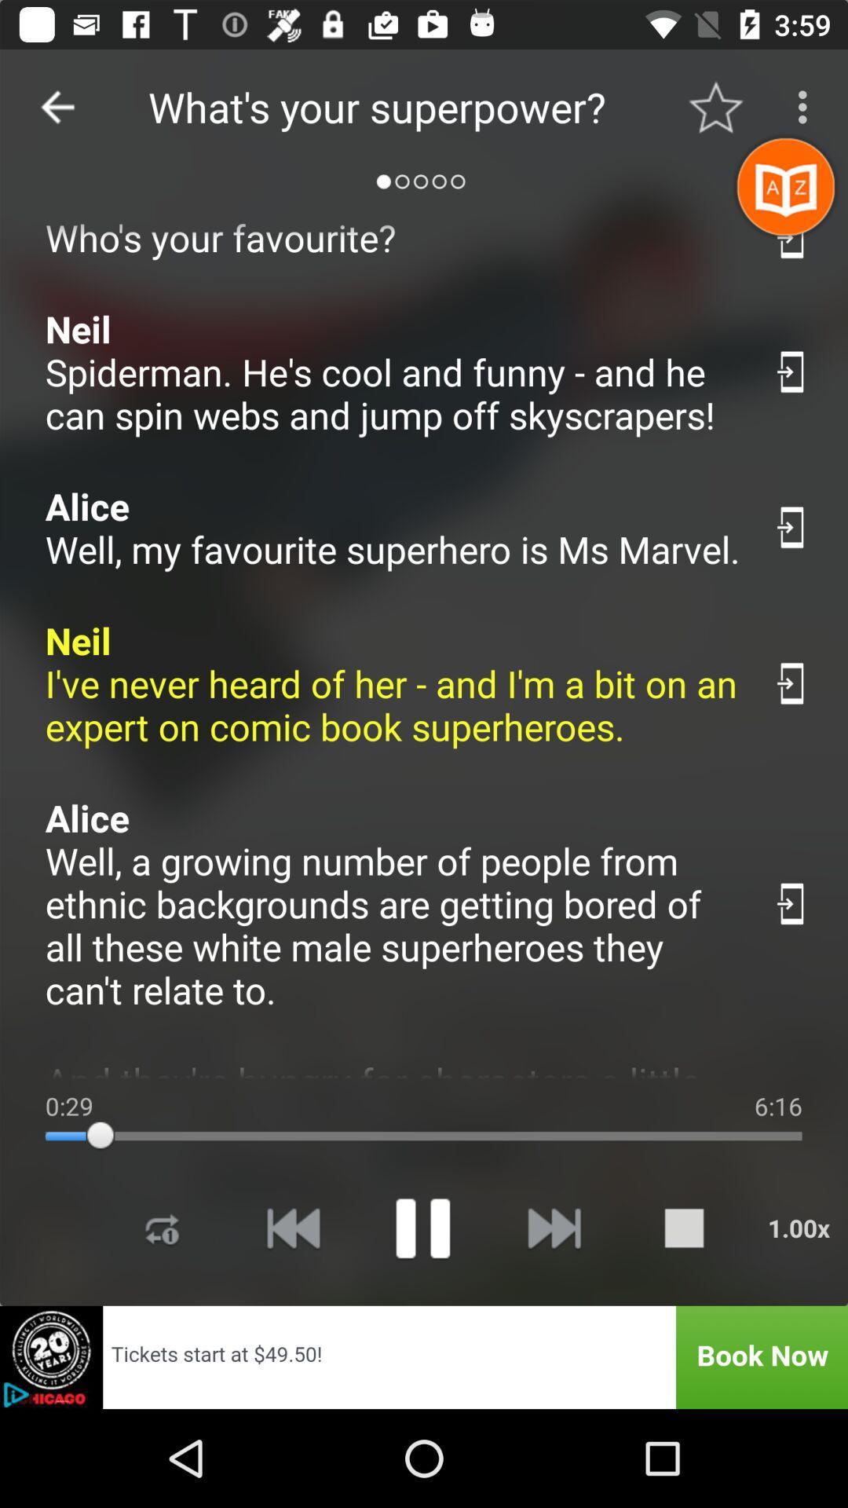 The image size is (848, 1508). Describe the element at coordinates (293, 1227) in the screenshot. I see `start audio over` at that location.